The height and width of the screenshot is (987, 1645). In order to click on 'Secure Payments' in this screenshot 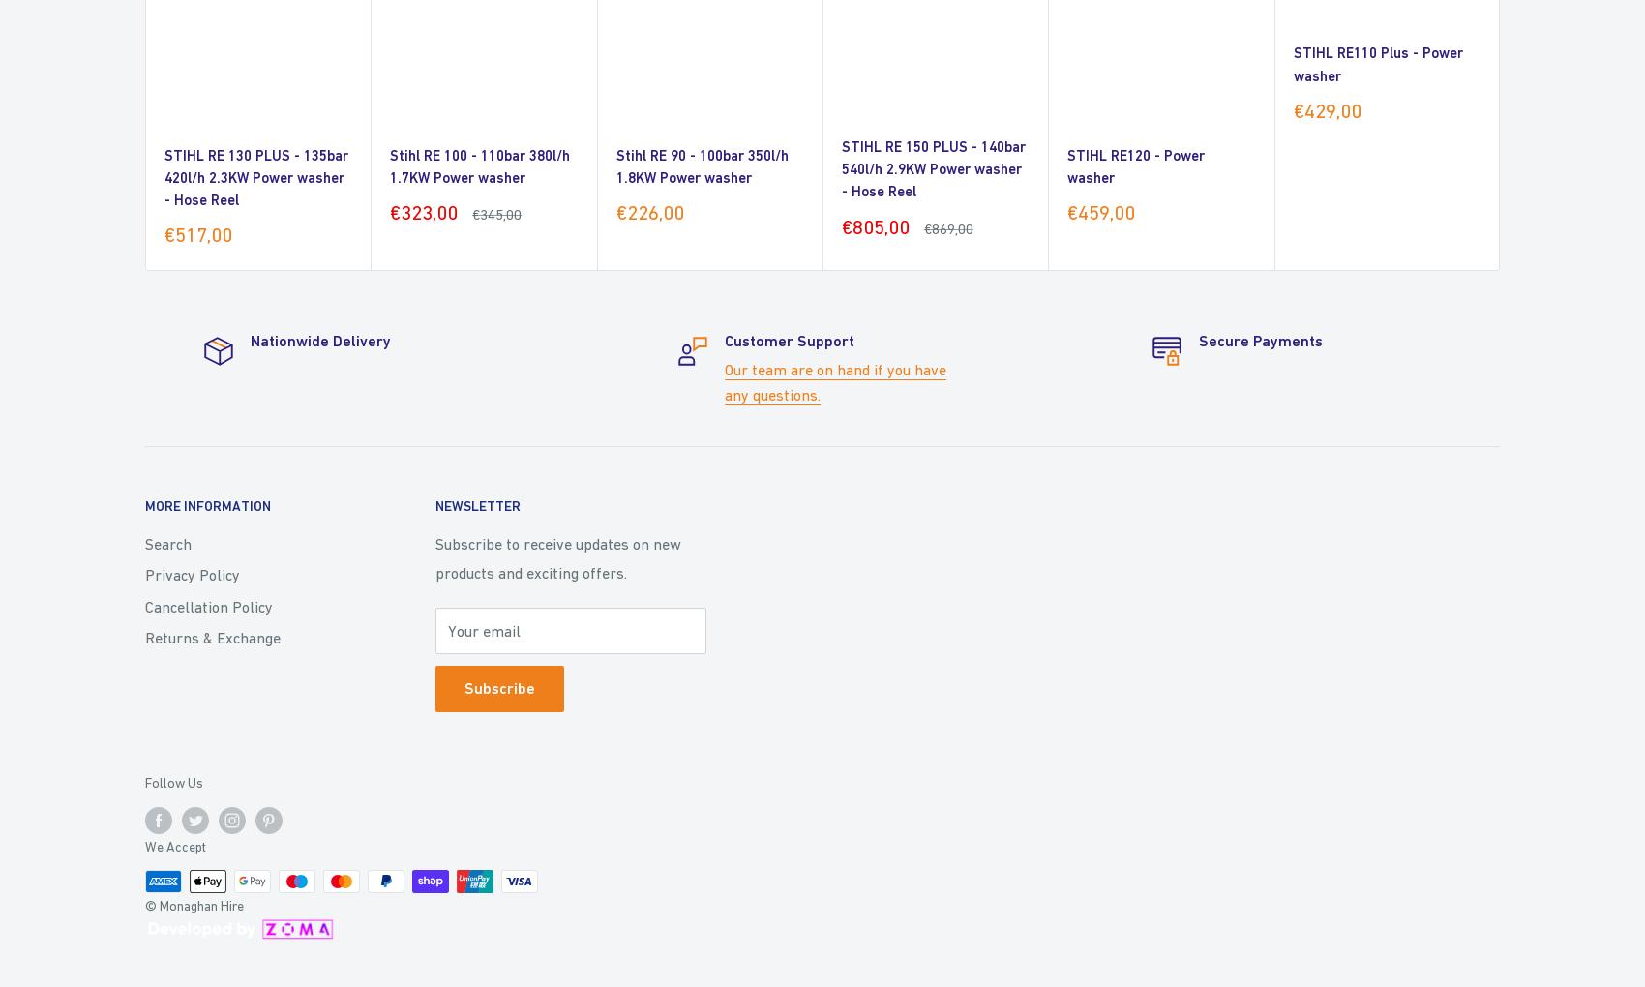, I will do `click(1261, 340)`.